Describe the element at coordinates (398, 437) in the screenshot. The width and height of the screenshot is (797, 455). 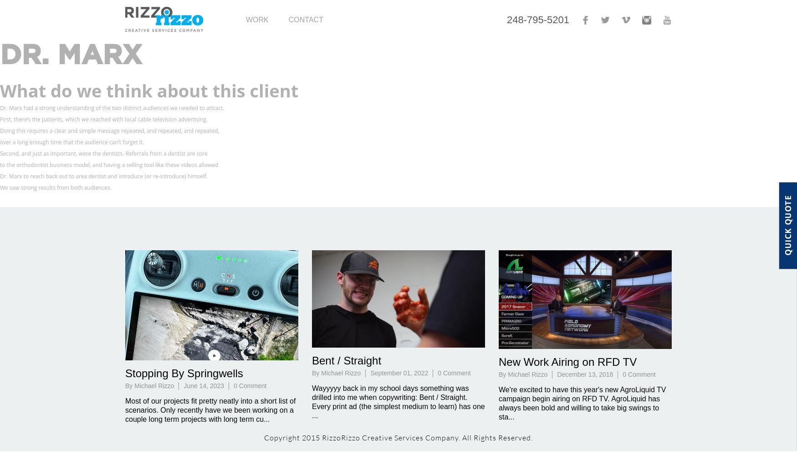
I see `'Copyright 2015 RizzoRizzo Creative Services Company. All Rights Reserved.'` at that location.